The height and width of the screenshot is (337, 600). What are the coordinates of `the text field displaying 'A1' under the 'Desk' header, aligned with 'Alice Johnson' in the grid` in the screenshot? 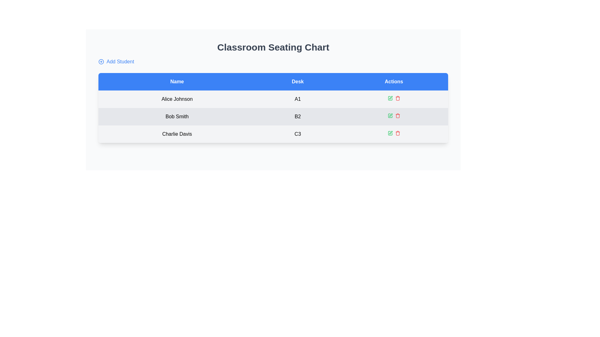 It's located at (297, 99).